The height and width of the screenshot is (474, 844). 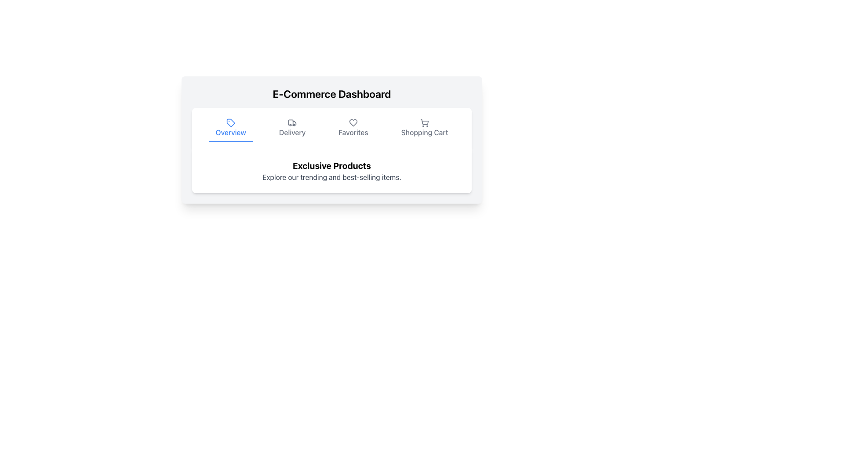 What do you see at coordinates (425, 122) in the screenshot?
I see `the shopping cart icon, which is the rightmost element in the navigation row, indicated by its outline and wheels` at bounding box center [425, 122].